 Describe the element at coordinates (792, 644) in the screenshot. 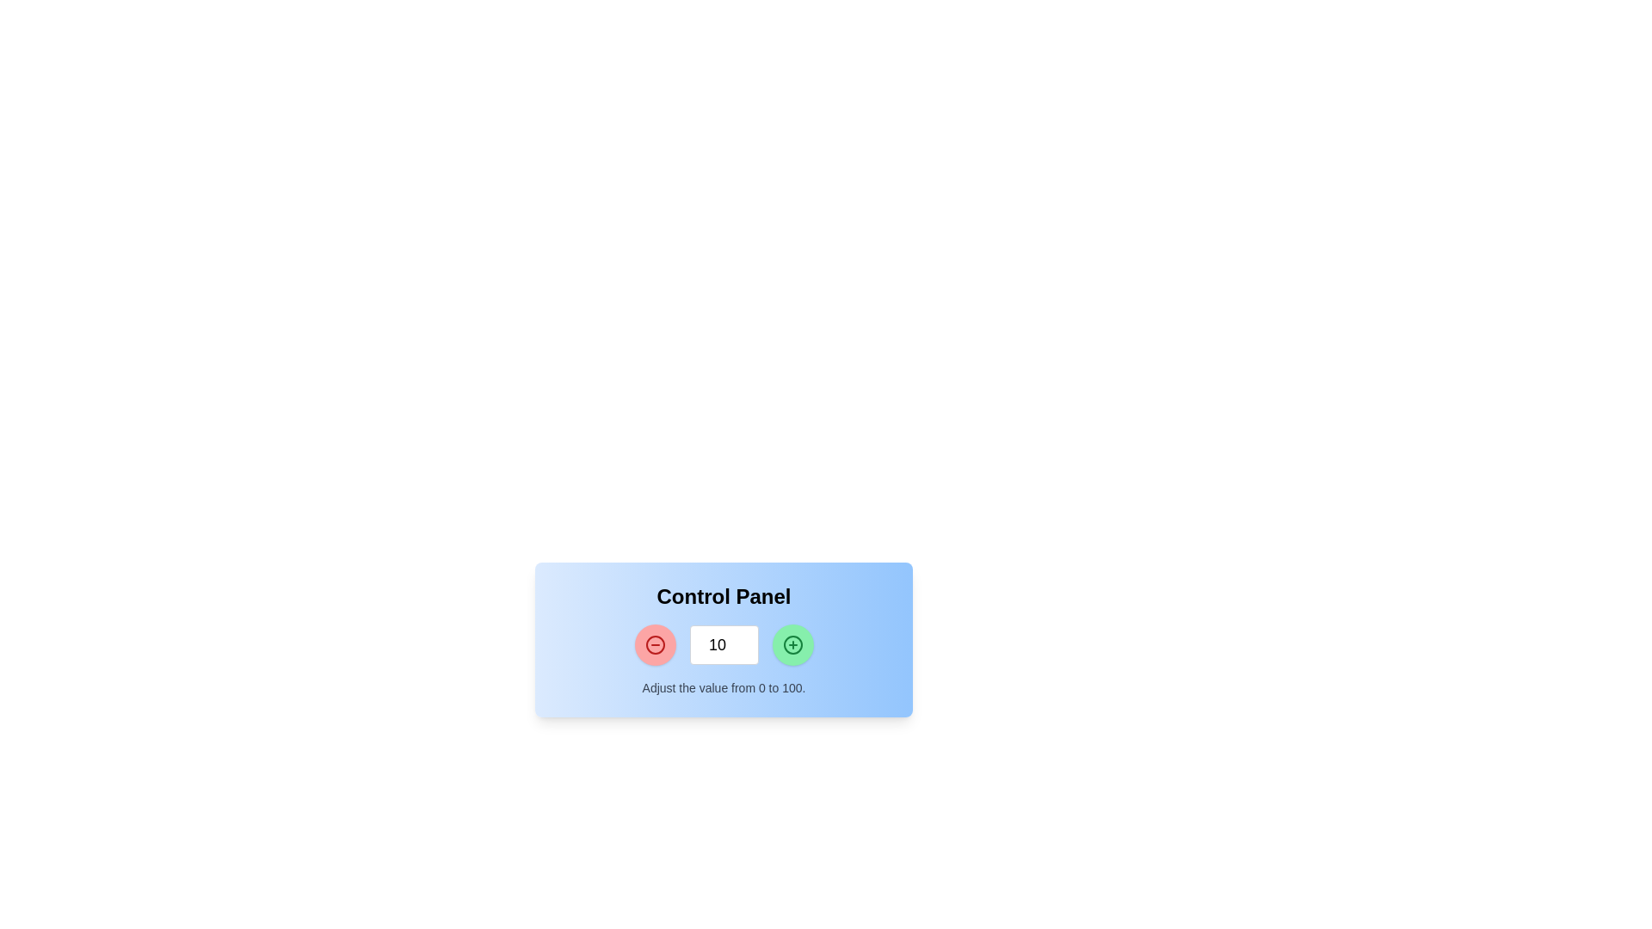

I see `the increment button located to the right of the numeric input field in the control panel interface` at that location.